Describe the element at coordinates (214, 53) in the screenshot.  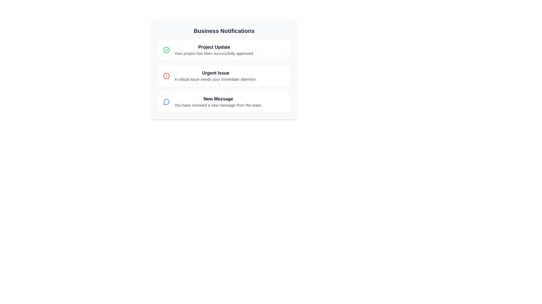
I see `text element that displays 'Your project has been successfully approved.' located below the header 'Project Update' within the 'Business Notifications' card` at that location.